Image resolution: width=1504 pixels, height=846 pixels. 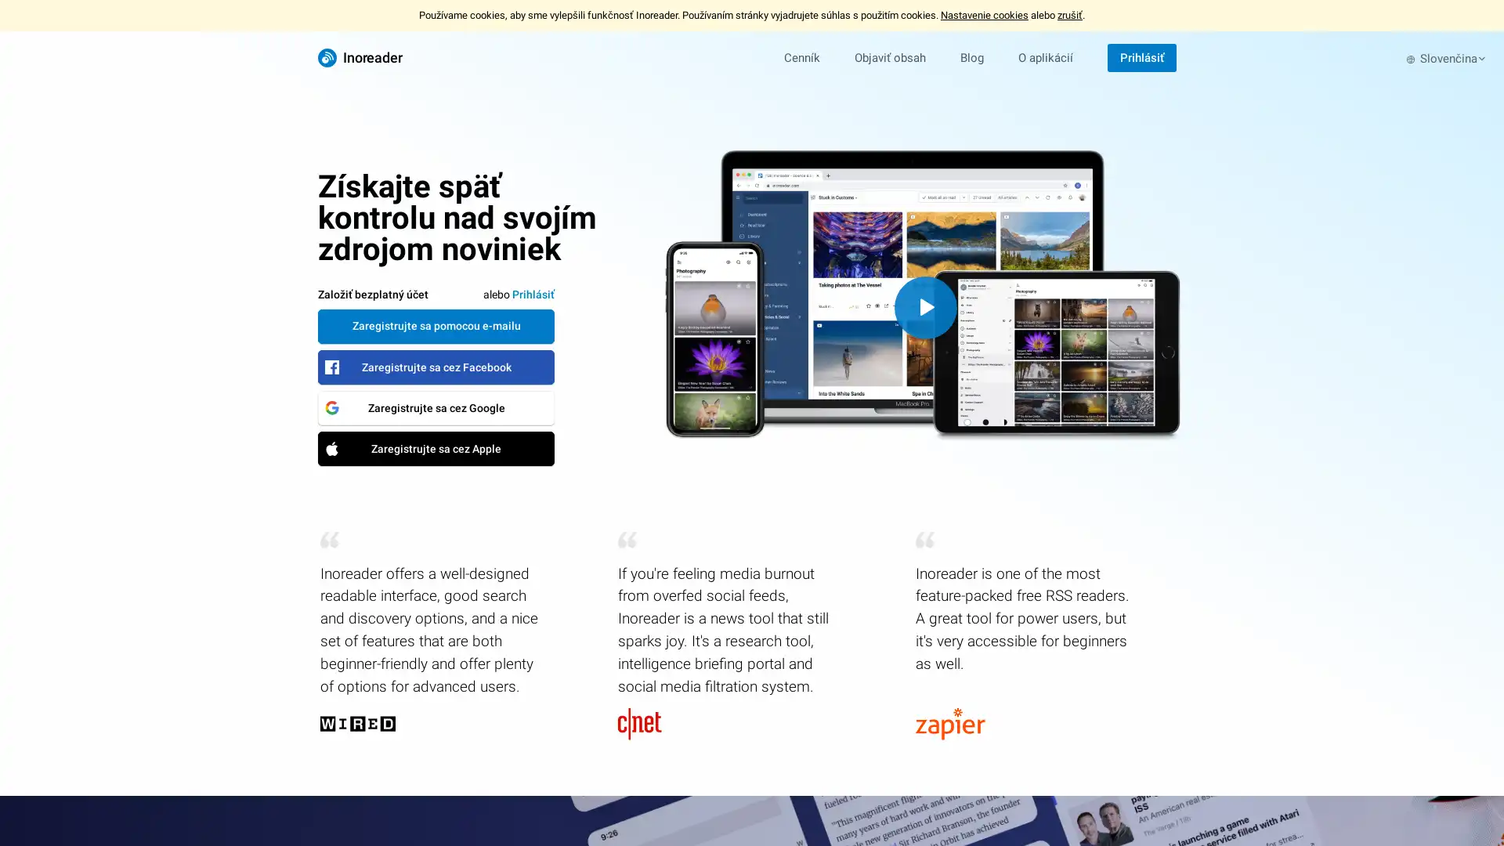 What do you see at coordinates (436, 447) in the screenshot?
I see `Zaregistrujte sa cez Apple` at bounding box center [436, 447].